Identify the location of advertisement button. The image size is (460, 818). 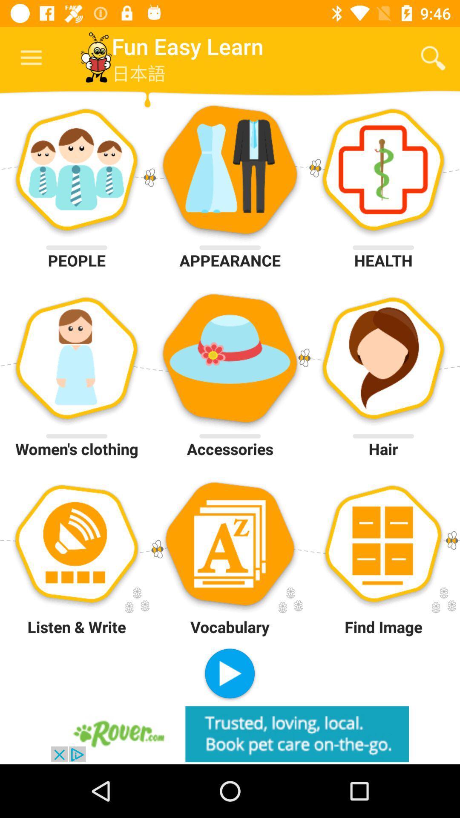
(230, 734).